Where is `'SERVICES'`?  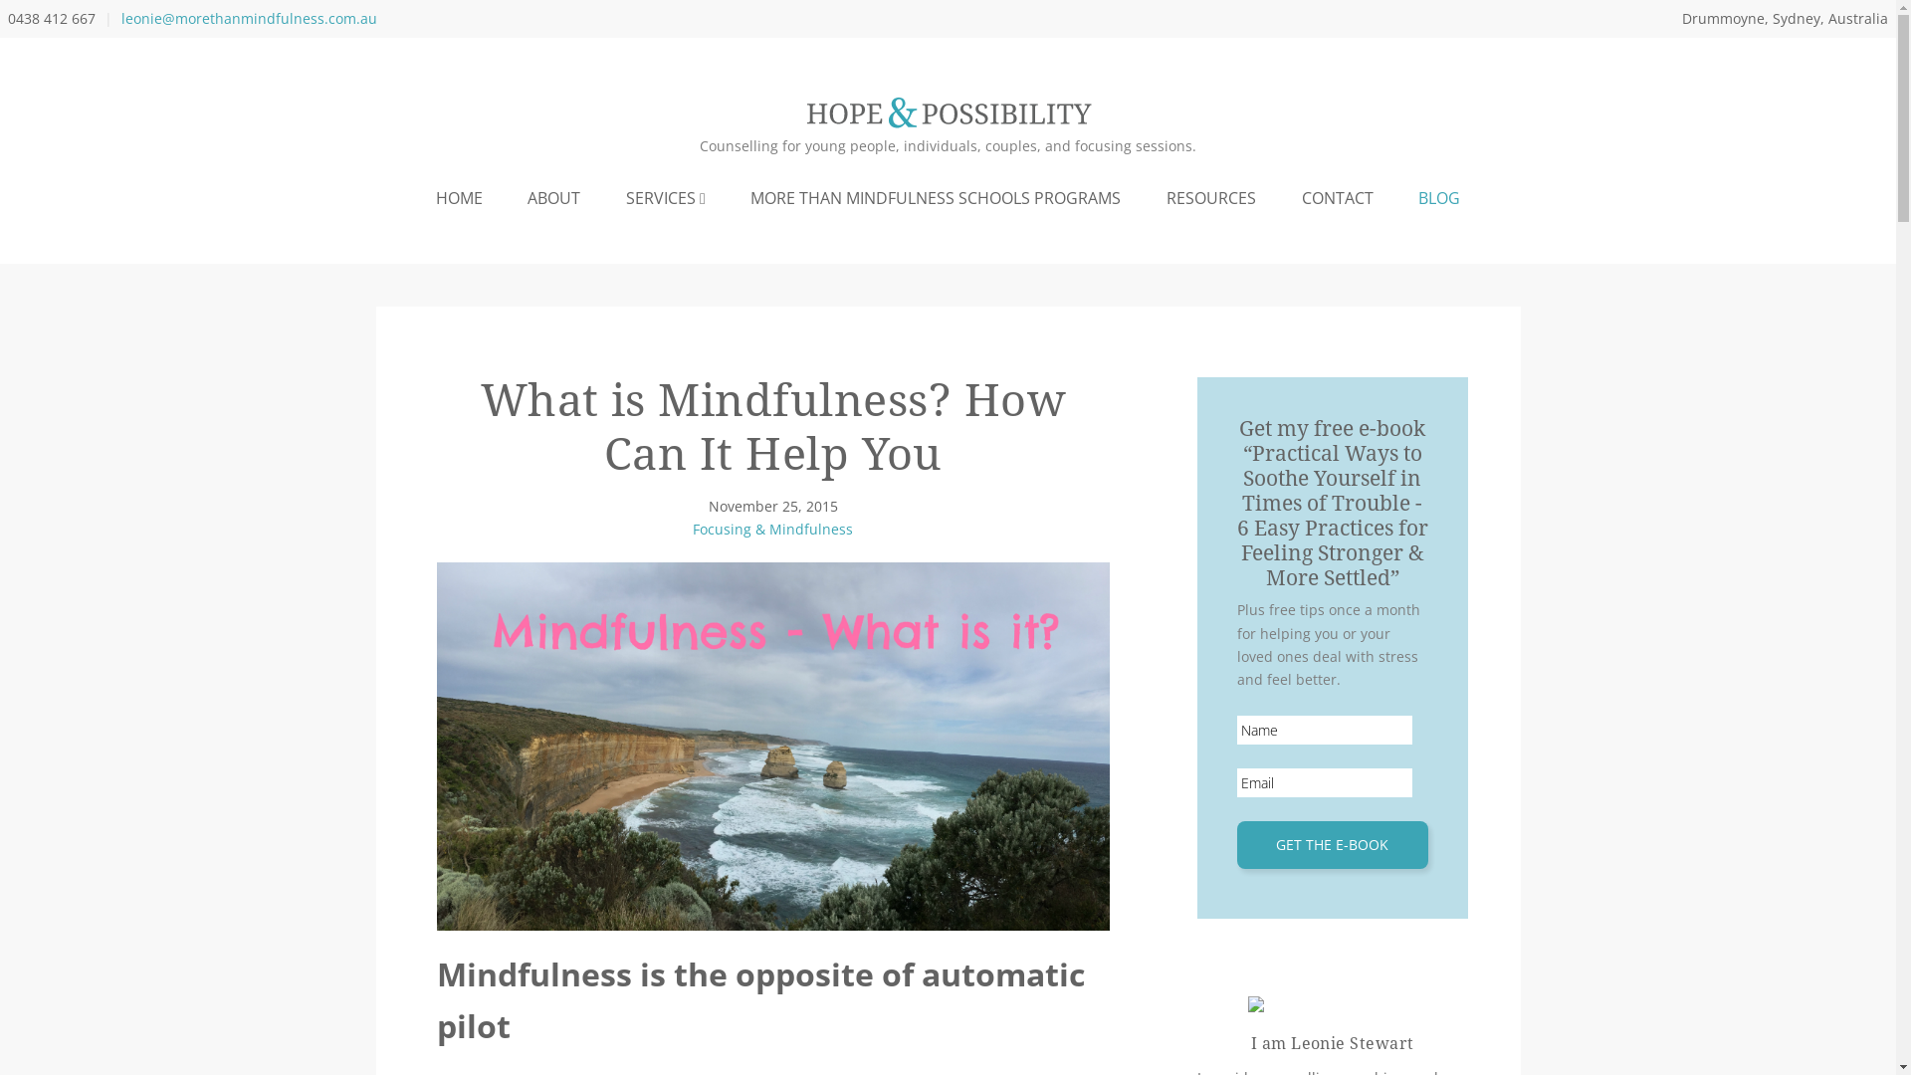
'SERVICES' is located at coordinates (665, 197).